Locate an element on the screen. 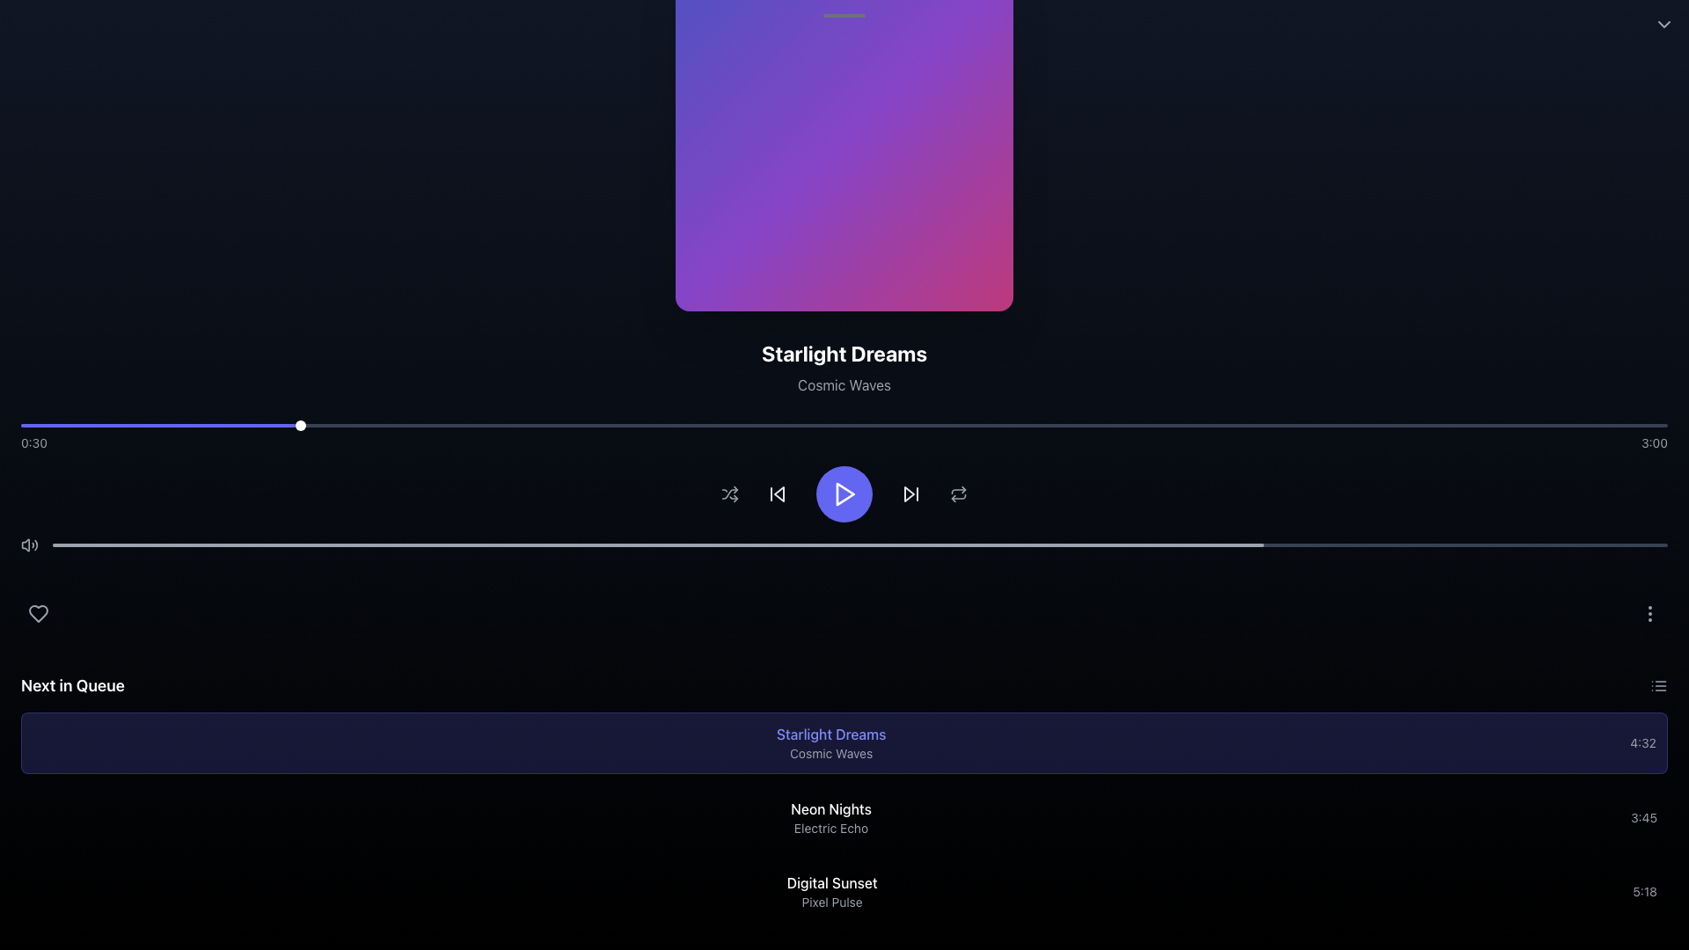 The height and width of the screenshot is (950, 1689). the second item in the 'Next in Queue' section, which represents a track in the music queue is located at coordinates (844, 817).